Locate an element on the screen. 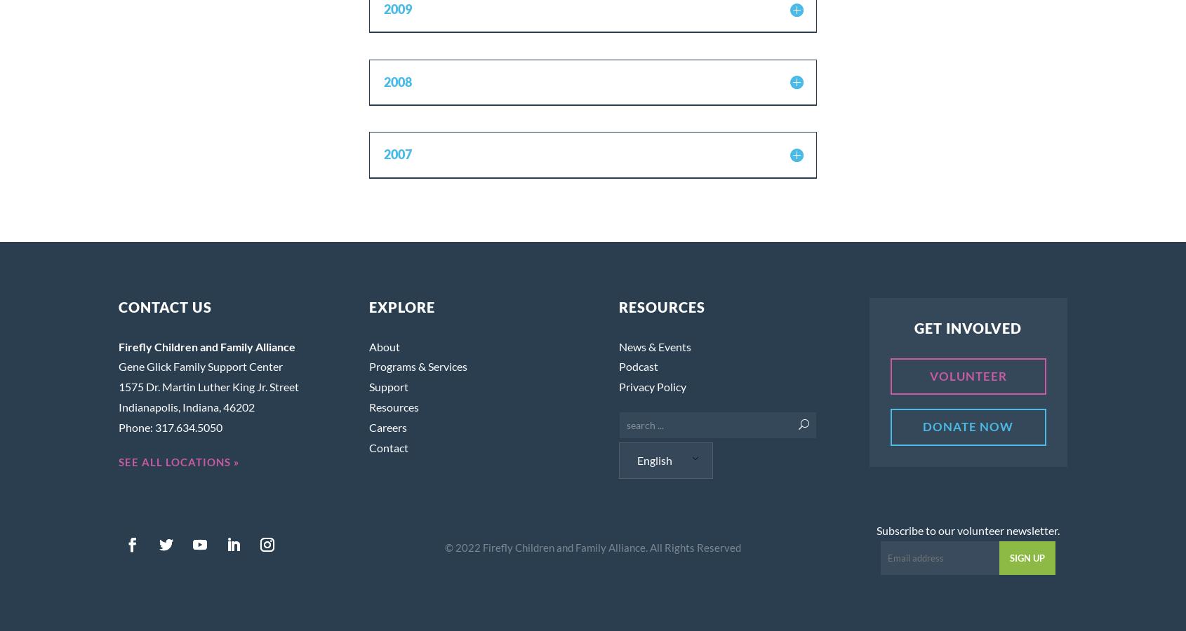 The image size is (1186, 631). 'Firefly Children and Family Alliance' is located at coordinates (207, 345).